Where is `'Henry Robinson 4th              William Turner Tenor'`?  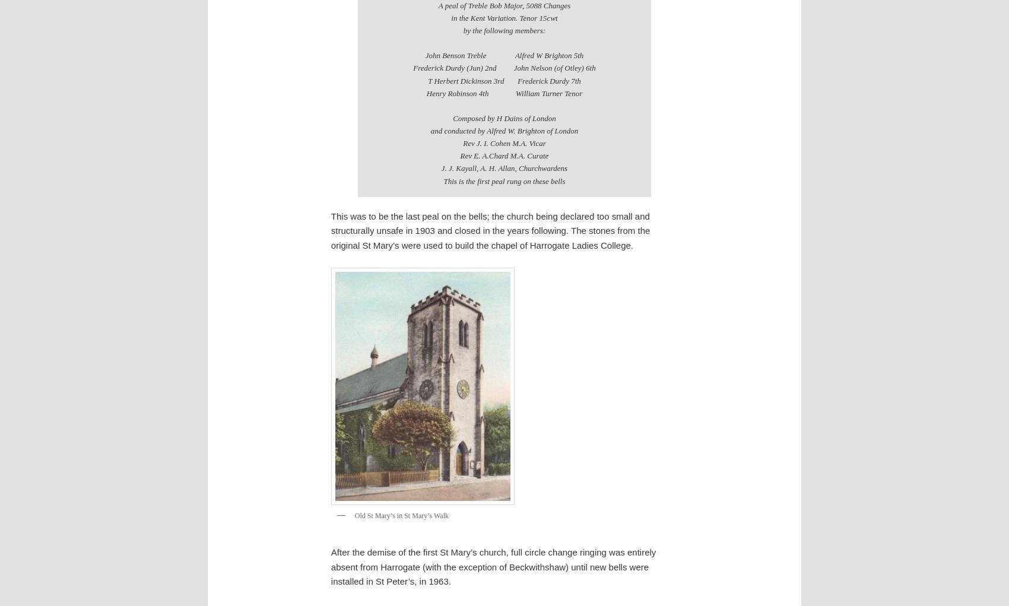
'Henry Robinson 4th              William Turner Tenor' is located at coordinates (503, 93).